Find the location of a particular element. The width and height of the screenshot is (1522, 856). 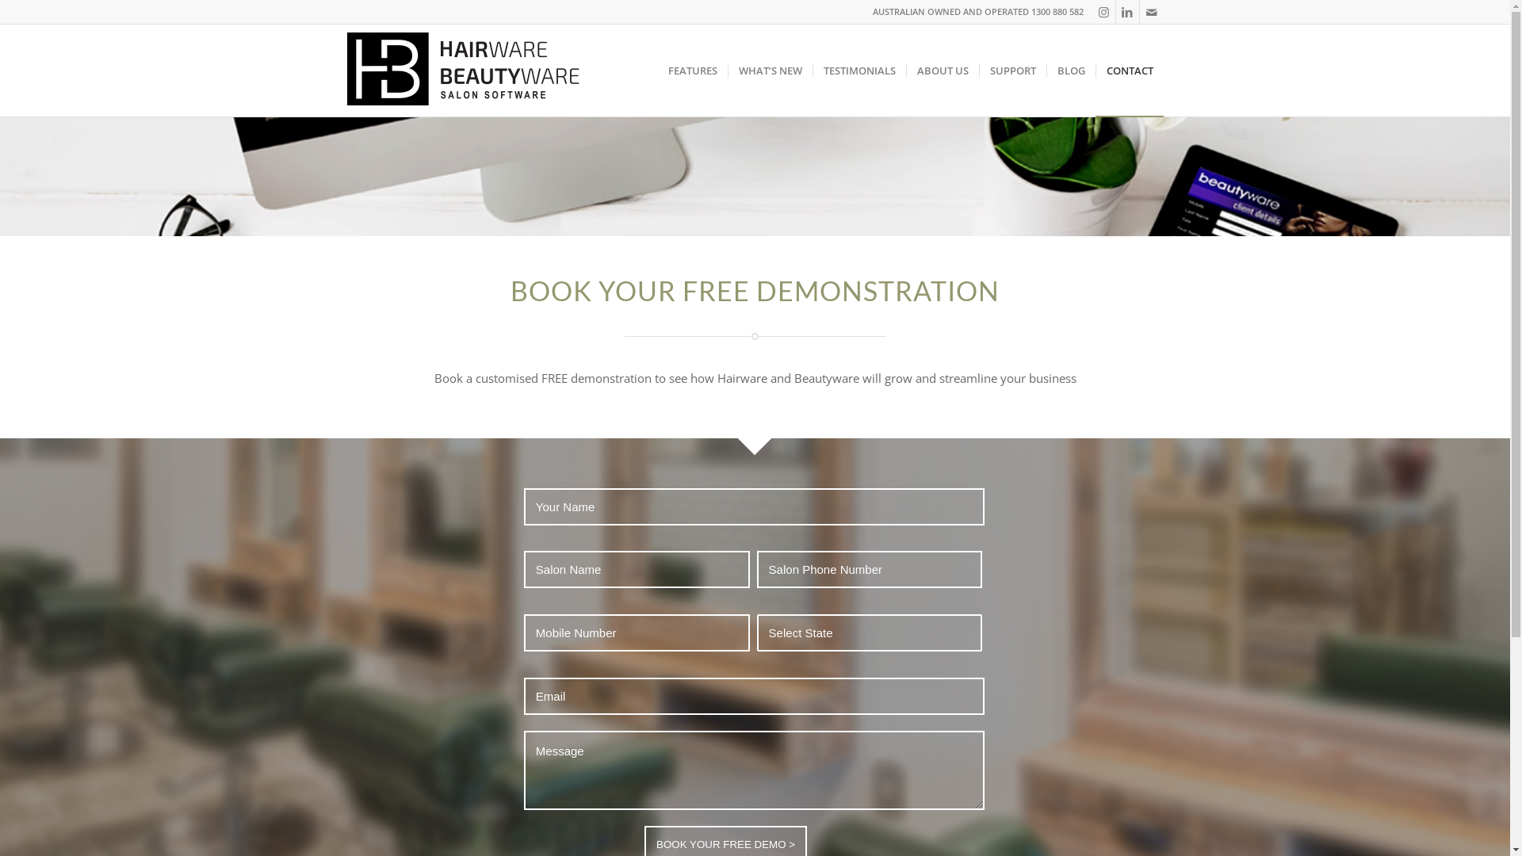

'LinkedIn' is located at coordinates (1126, 12).